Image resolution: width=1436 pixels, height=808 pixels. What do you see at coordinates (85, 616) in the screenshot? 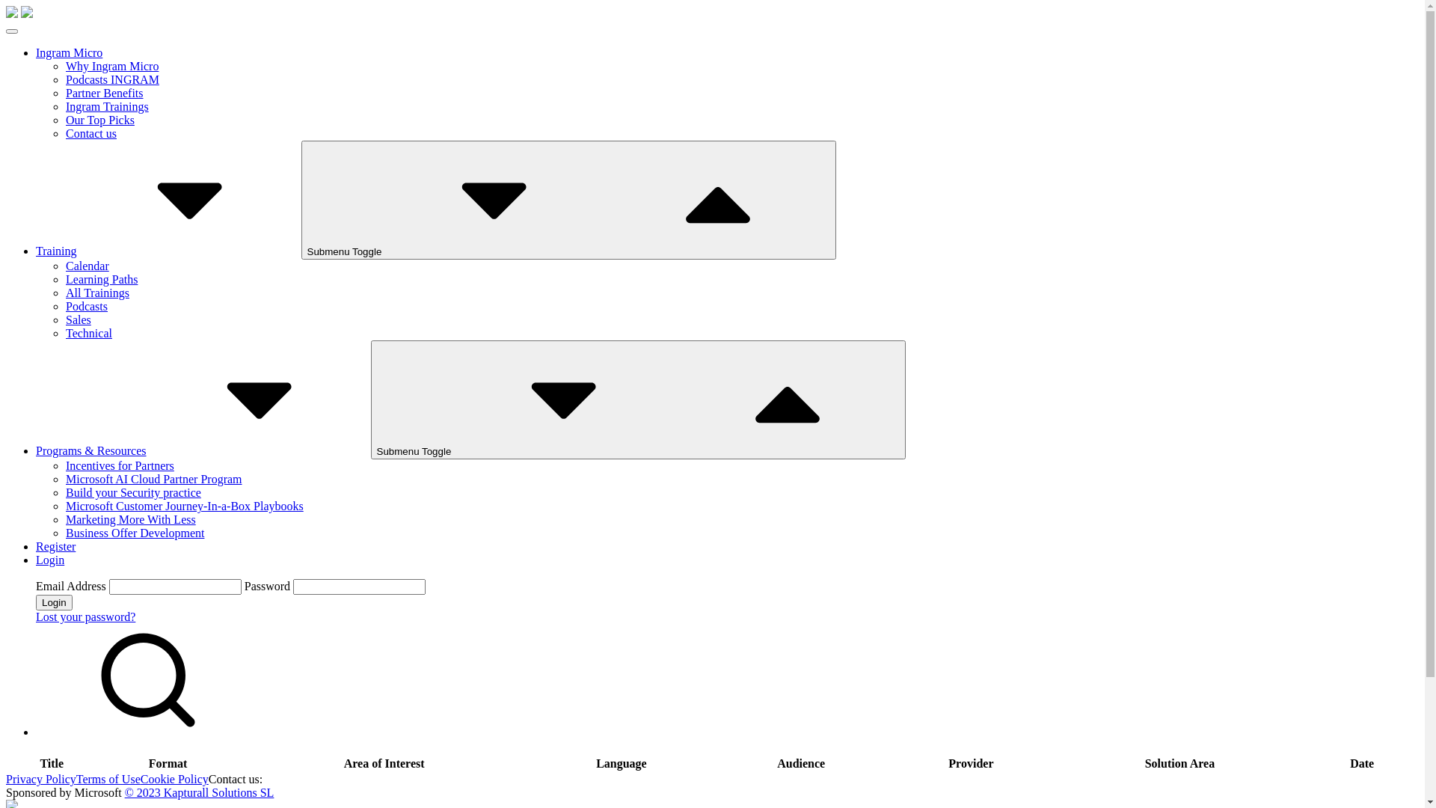
I see `'Lost your password?'` at bounding box center [85, 616].